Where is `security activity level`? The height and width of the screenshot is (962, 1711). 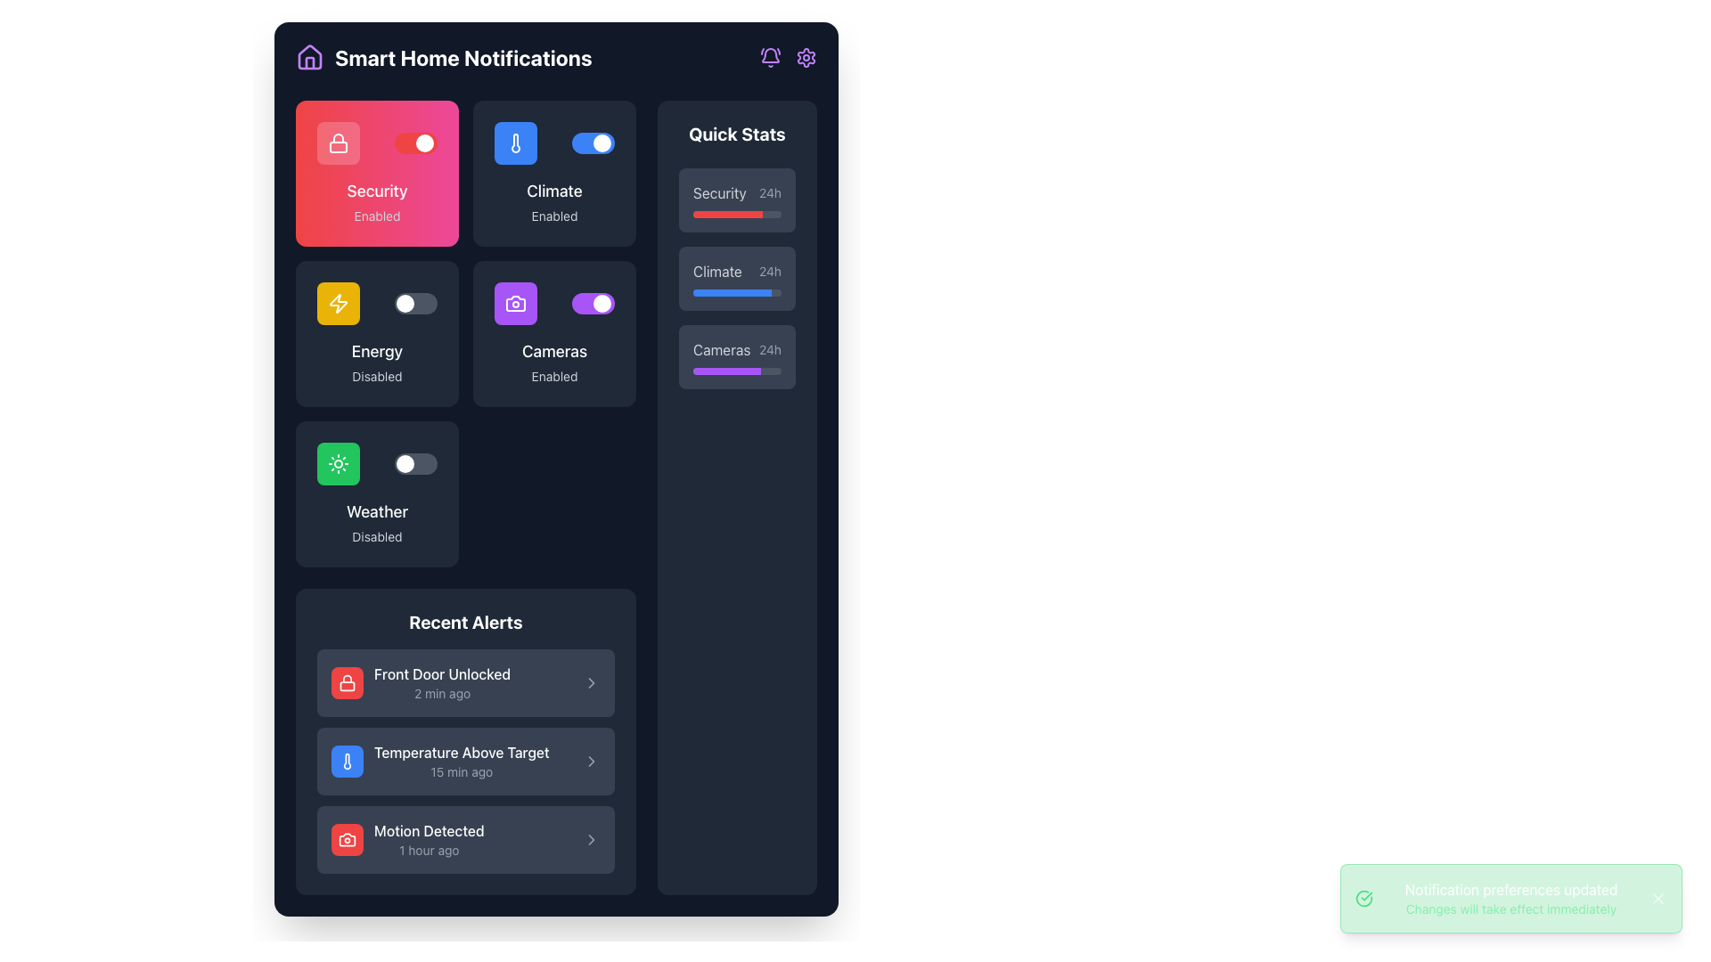 security activity level is located at coordinates (746, 213).